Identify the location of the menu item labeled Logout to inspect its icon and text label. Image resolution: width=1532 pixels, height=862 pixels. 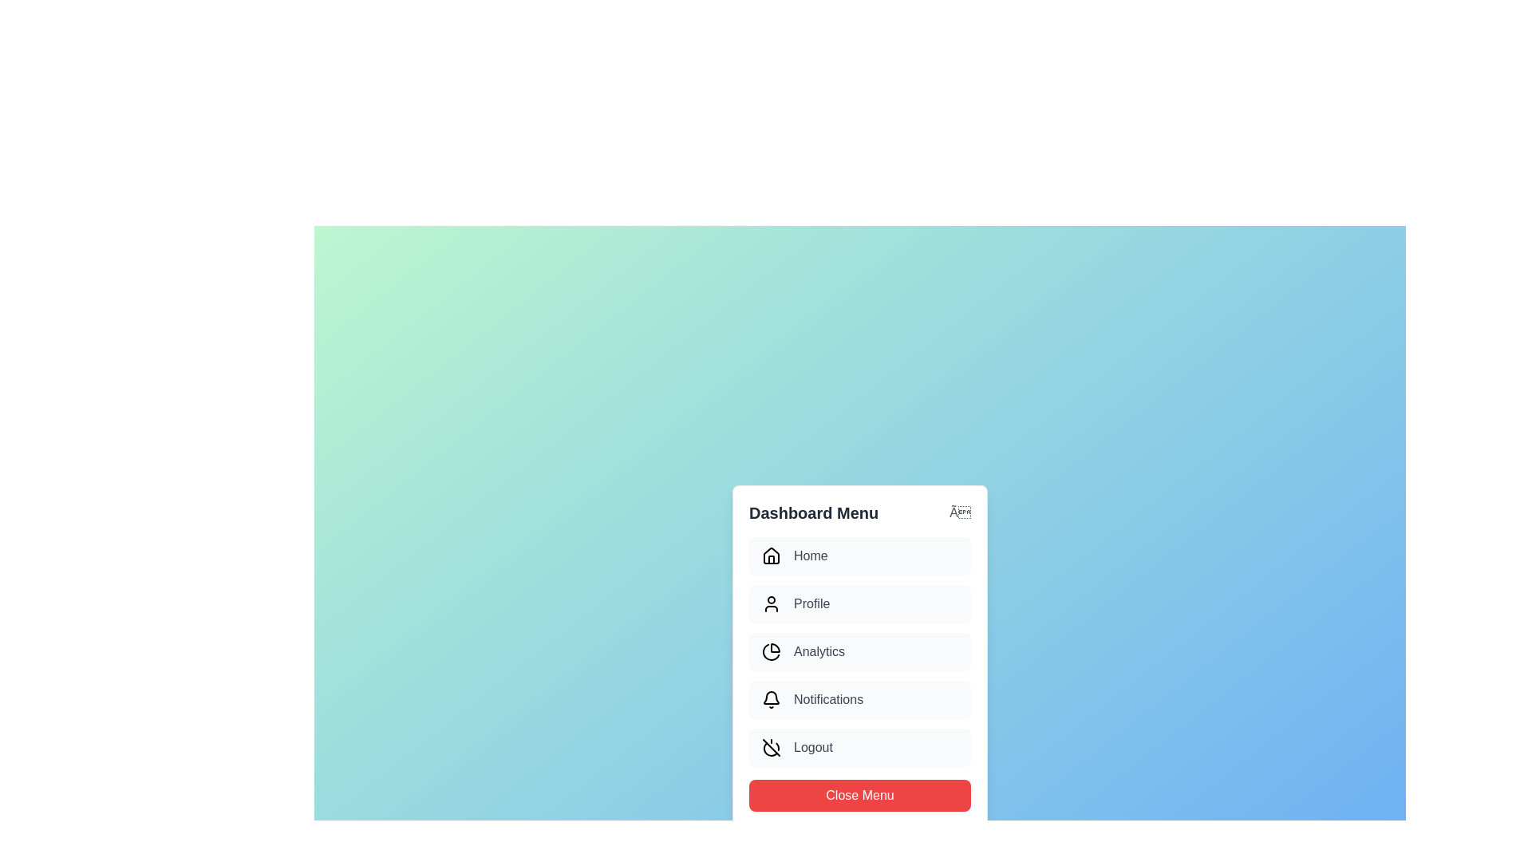
(859, 748).